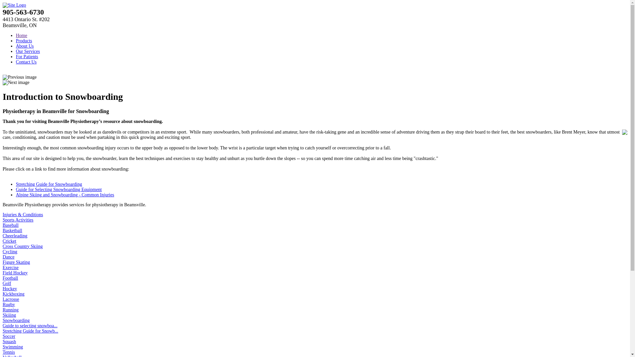 This screenshot has height=357, width=635. Describe the element at coordinates (9, 241) in the screenshot. I see `'Cricket'` at that location.